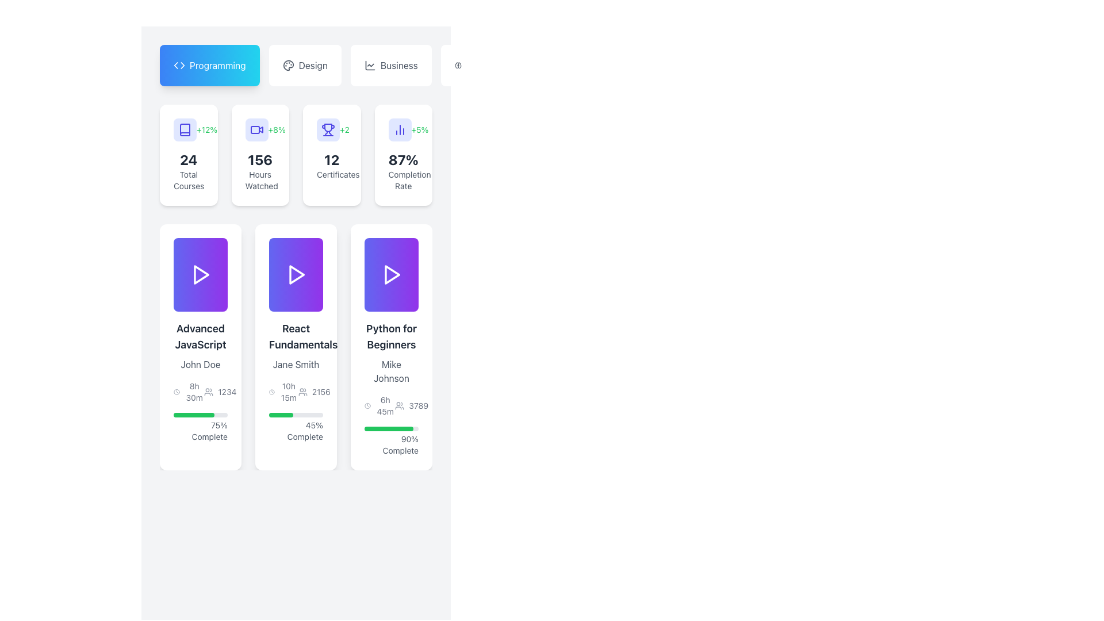 This screenshot has height=621, width=1104. Describe the element at coordinates (391, 66) in the screenshot. I see `the 'Business' button, which is a rectangular button with rounded corners, featuring a white background and dark gray text, positioned in the navigation group as the third option from the left` at that location.